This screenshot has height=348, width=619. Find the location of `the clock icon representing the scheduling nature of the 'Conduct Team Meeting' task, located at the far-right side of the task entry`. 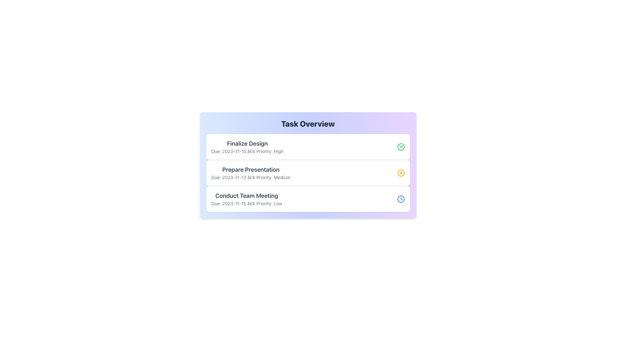

the clock icon representing the scheduling nature of the 'Conduct Team Meeting' task, located at the far-right side of the task entry is located at coordinates (400, 198).